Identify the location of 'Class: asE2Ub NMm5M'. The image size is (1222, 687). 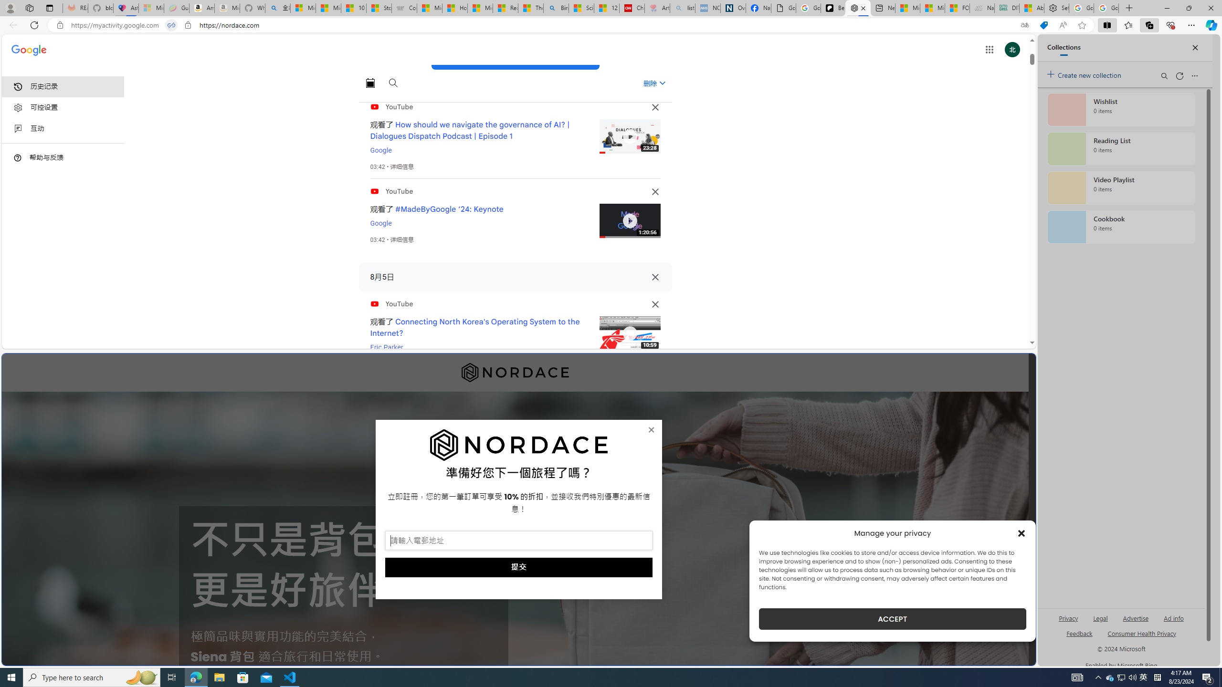
(662, 83).